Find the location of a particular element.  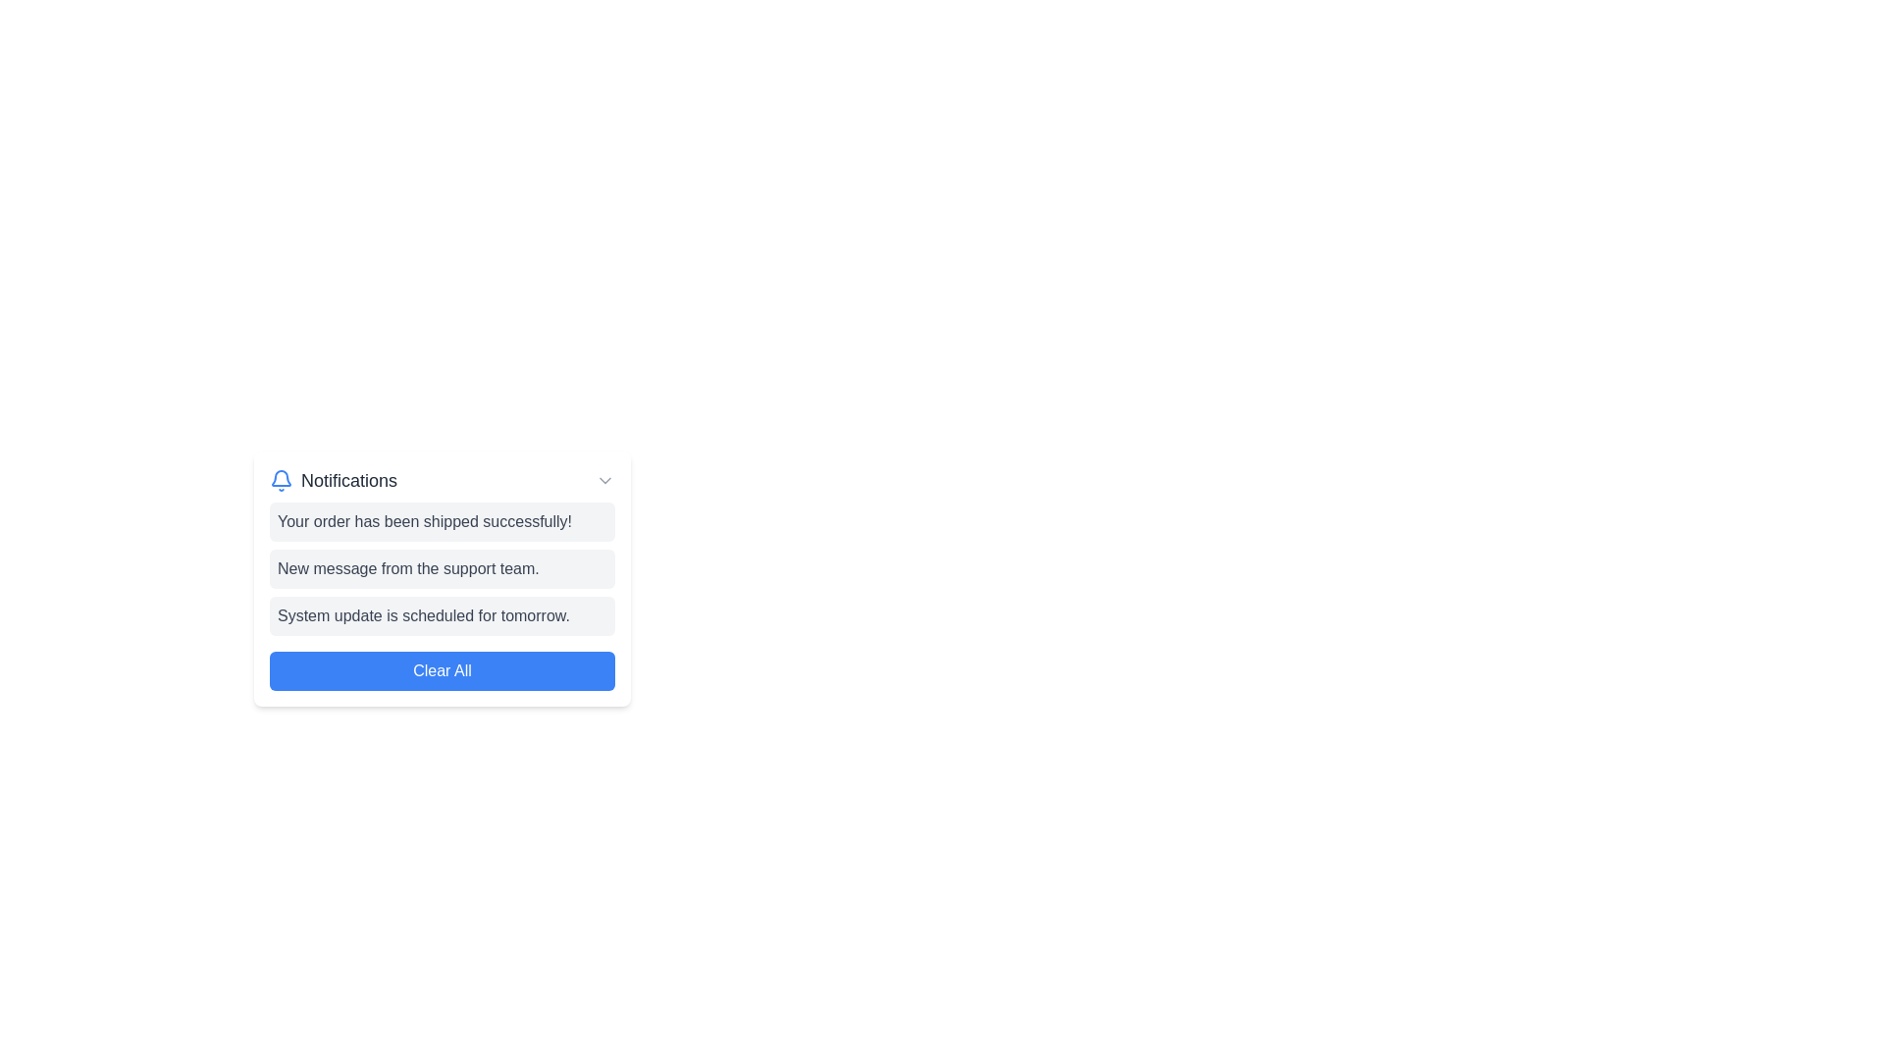

the 'Clear All' button to clear notifications is located at coordinates (442, 669).